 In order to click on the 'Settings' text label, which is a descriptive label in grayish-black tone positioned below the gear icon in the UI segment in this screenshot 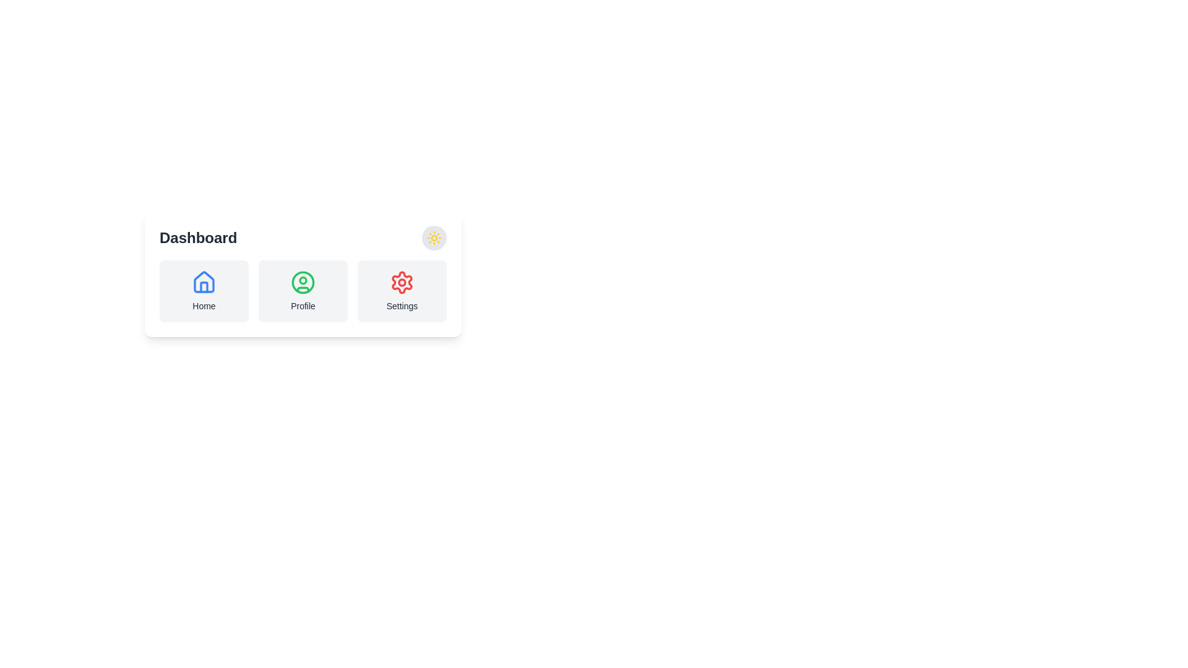, I will do `click(402, 306)`.